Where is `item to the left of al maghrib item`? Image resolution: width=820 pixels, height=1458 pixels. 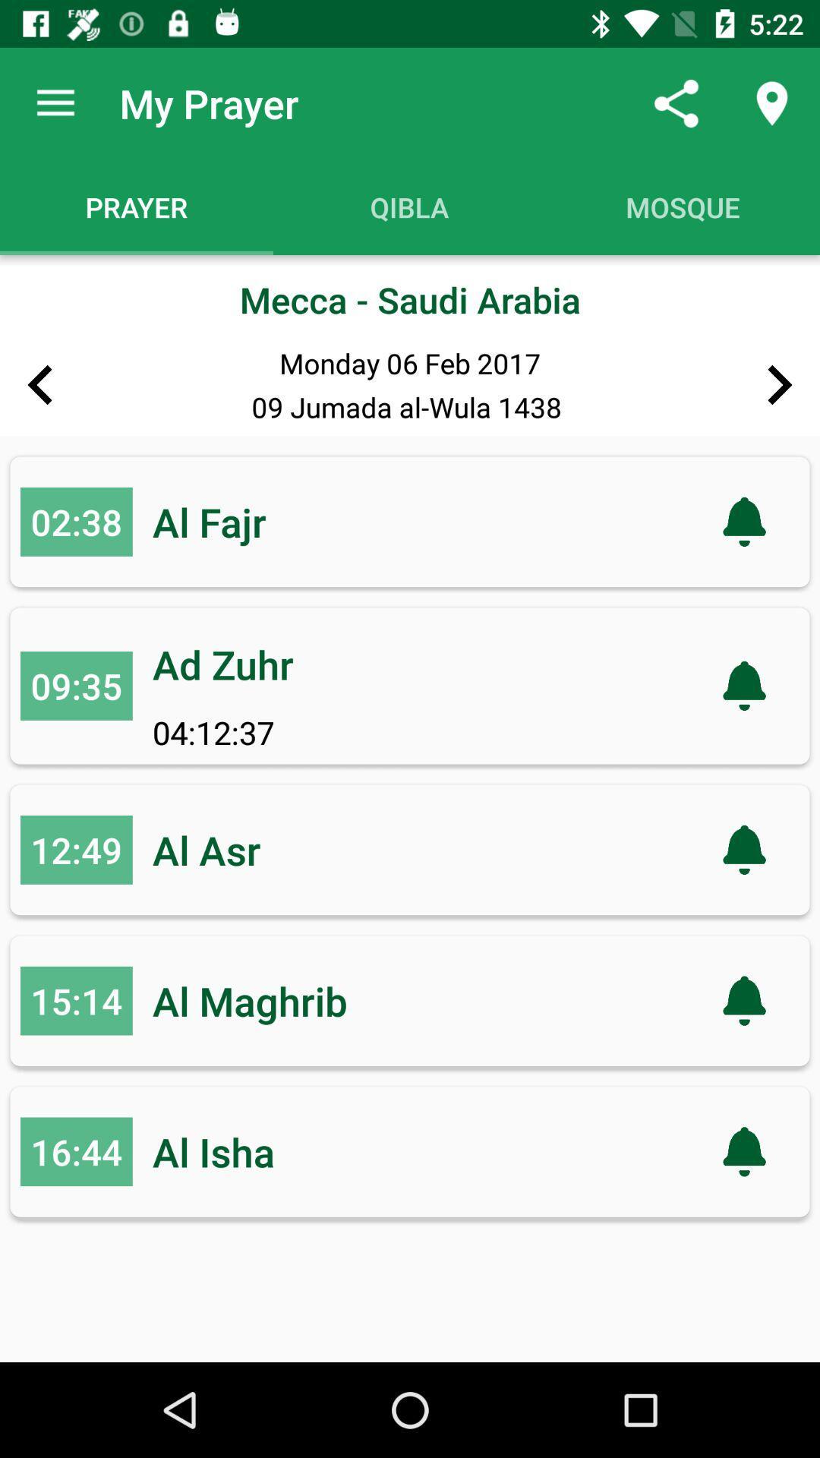
item to the left of al maghrib item is located at coordinates (76, 1001).